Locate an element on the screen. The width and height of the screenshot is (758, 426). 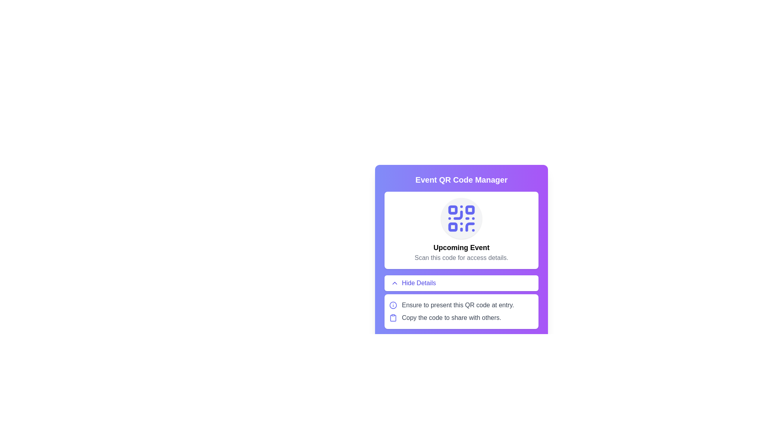
text displayed in the Text Display element that instructs 'Ensure to present this QR code at entry.' is located at coordinates (458, 305).